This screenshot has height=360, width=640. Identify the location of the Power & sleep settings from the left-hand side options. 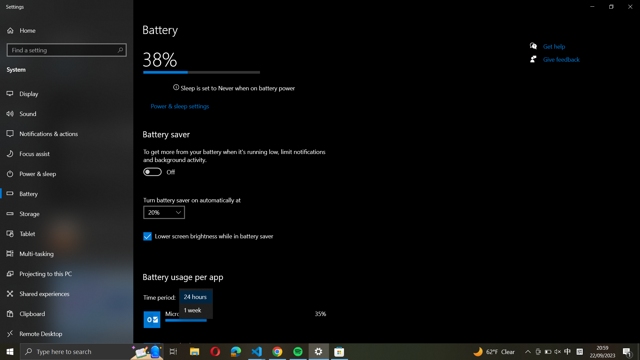
(179, 106).